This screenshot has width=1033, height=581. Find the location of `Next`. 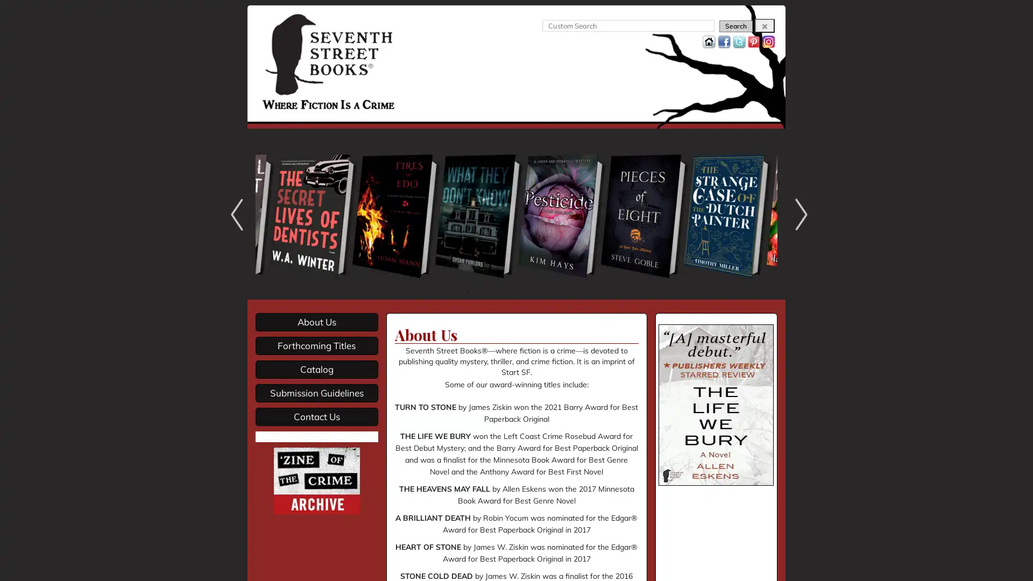

Next is located at coordinates (798, 214).